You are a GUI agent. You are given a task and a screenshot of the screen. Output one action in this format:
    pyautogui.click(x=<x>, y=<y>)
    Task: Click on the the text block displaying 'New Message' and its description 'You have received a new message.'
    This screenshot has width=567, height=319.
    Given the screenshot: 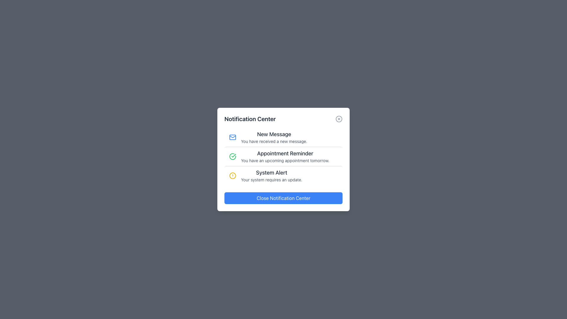 What is the action you would take?
    pyautogui.click(x=274, y=137)
    